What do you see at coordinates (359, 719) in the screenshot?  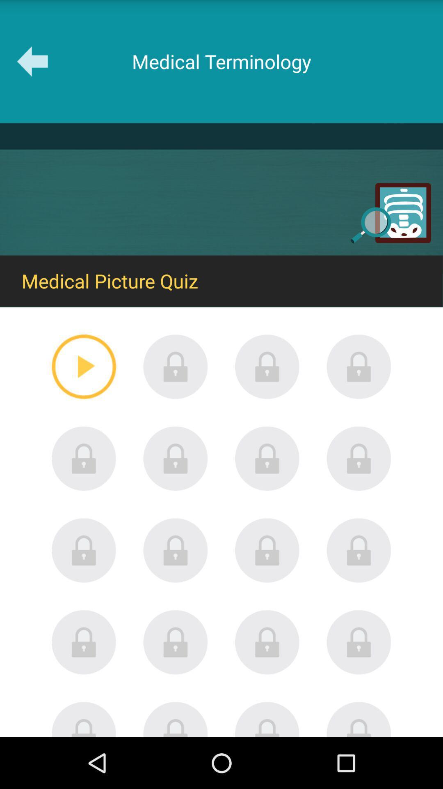 I see `unlock the quiz` at bounding box center [359, 719].